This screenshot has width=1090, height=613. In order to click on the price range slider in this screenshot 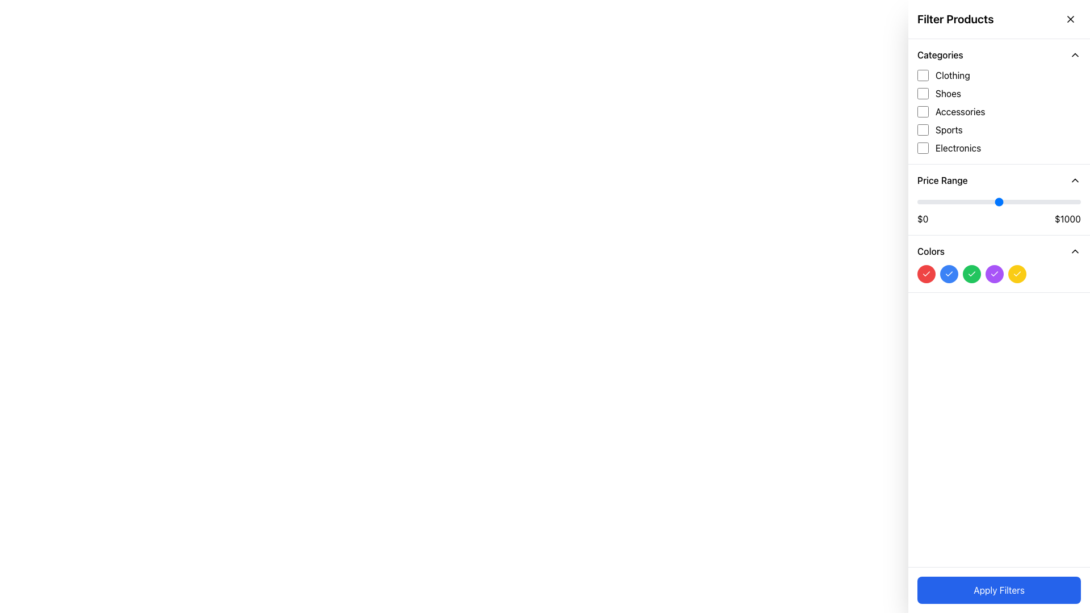, I will do `click(1002, 201)`.